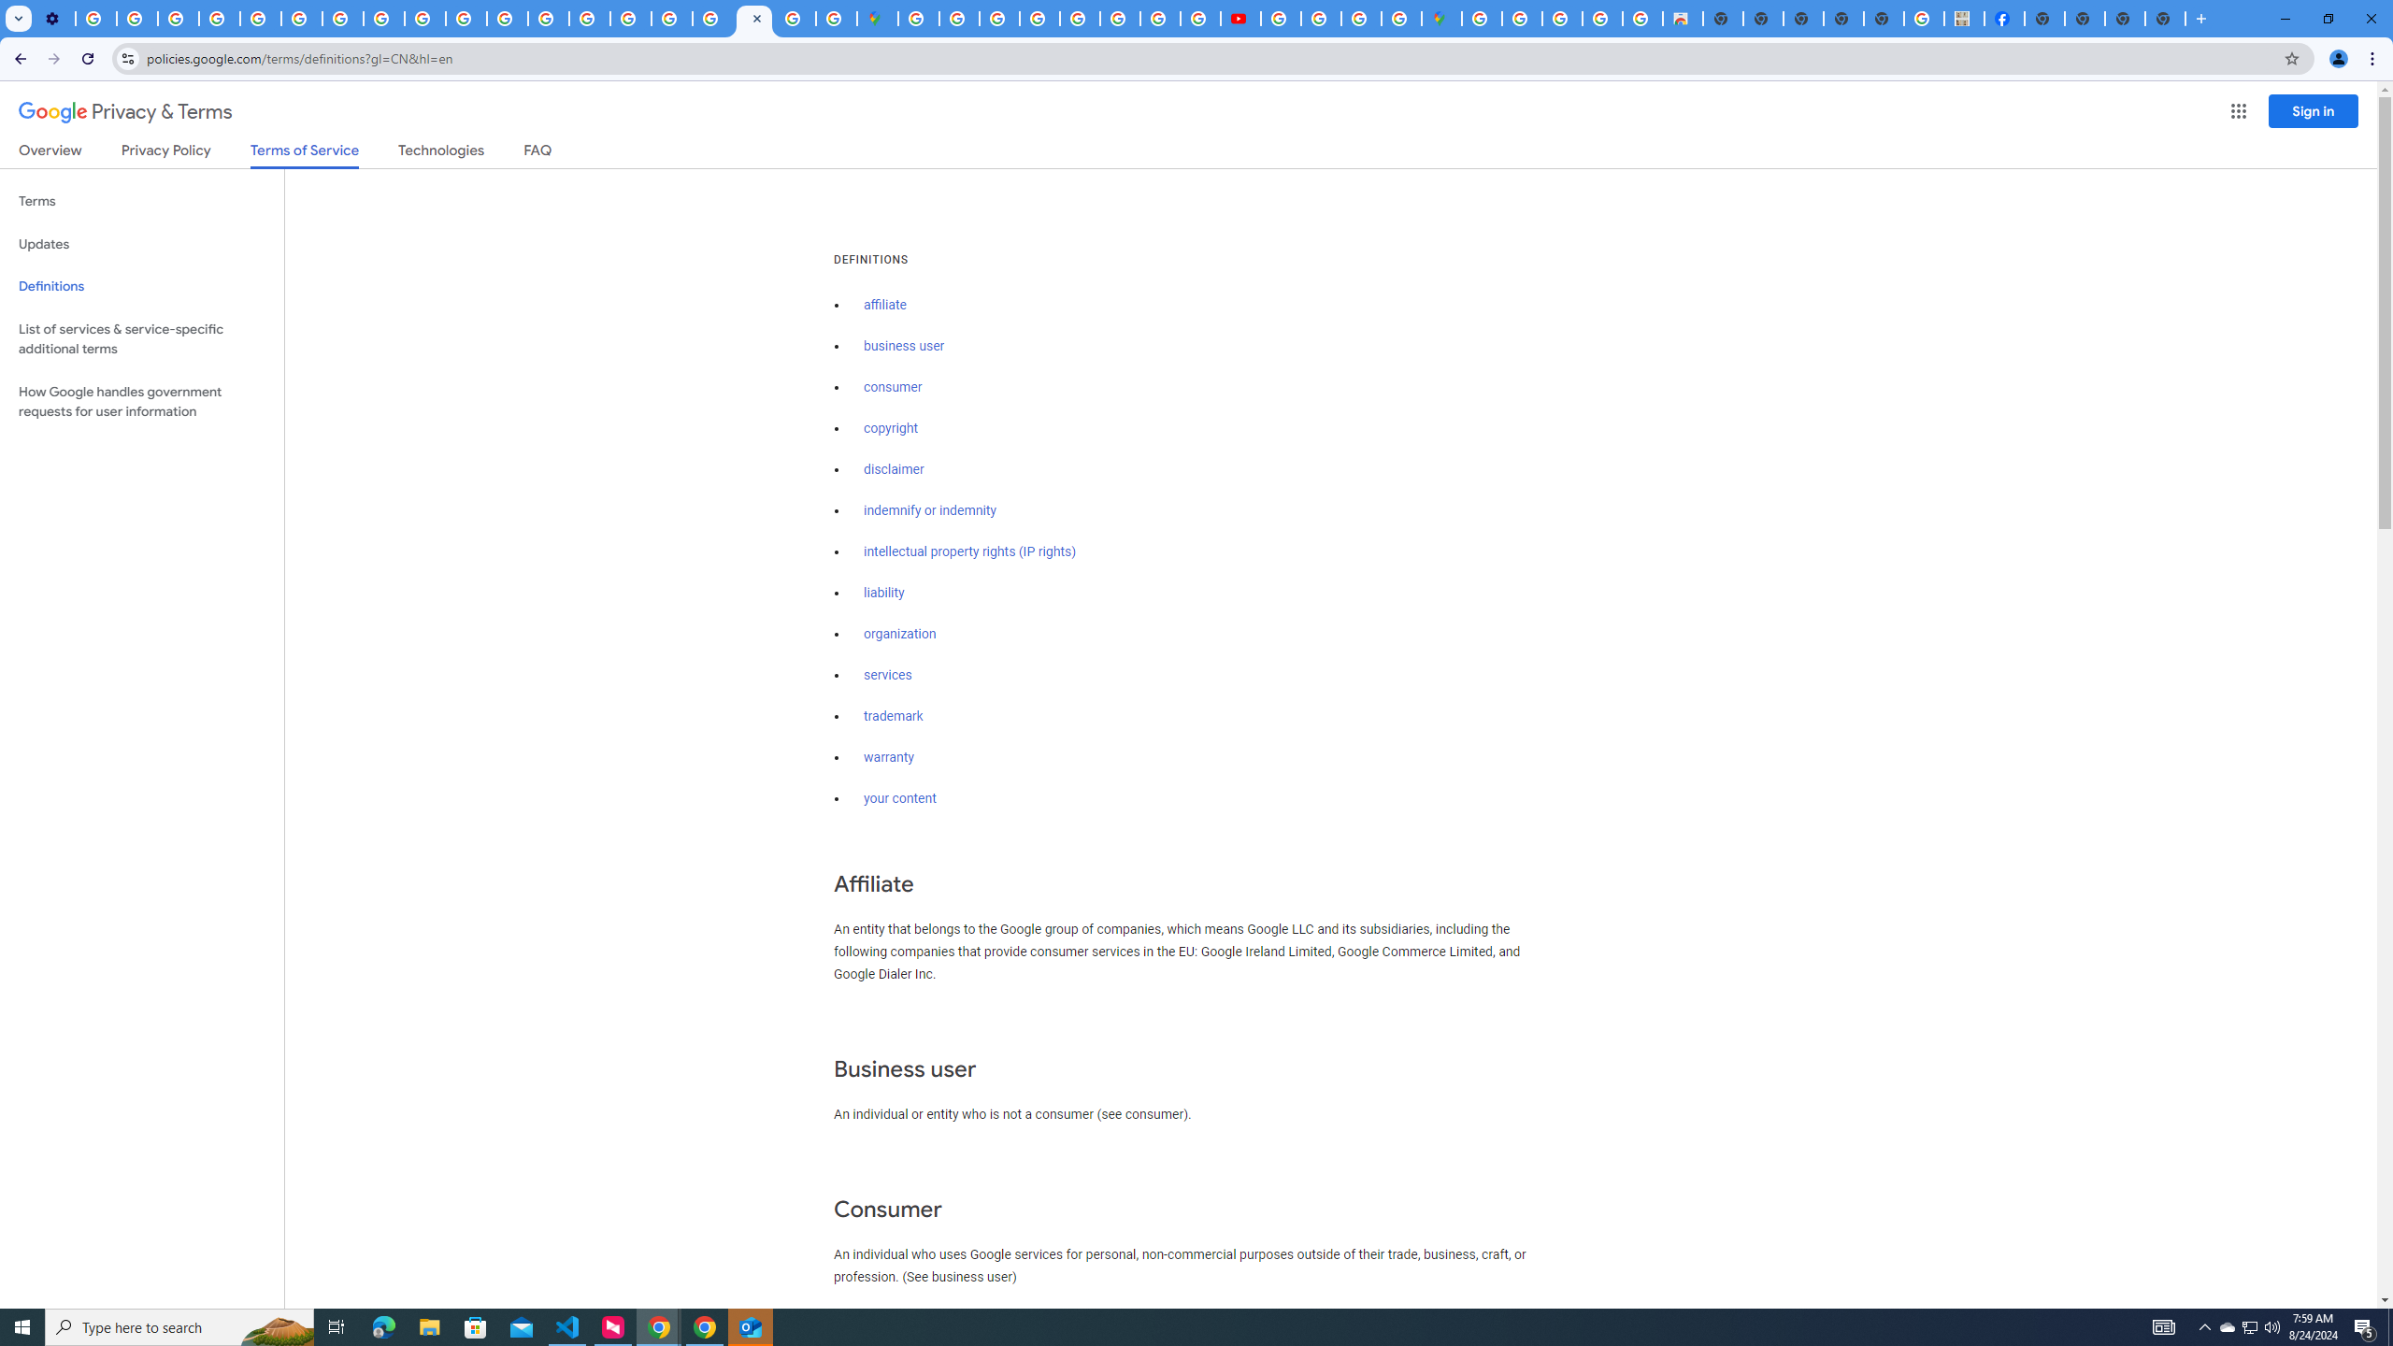 The height and width of the screenshot is (1346, 2393). Describe the element at coordinates (929, 511) in the screenshot. I see `'indemnify or indemnity'` at that location.